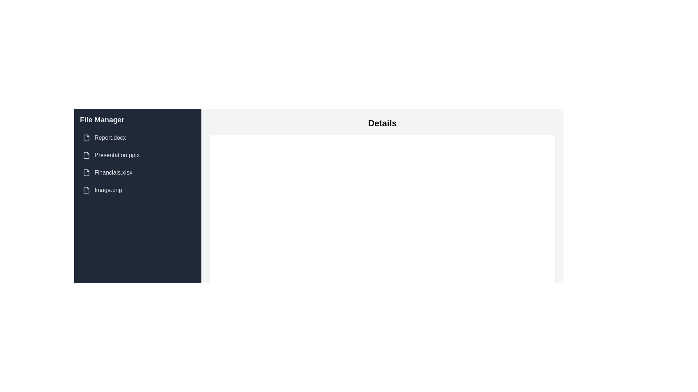 The width and height of the screenshot is (698, 392). What do you see at coordinates (87, 155) in the screenshot?
I see `the file icon representing 'Presentation.pptx' in the File Manager section, which is styled with a dark outline and minimal detailing` at bounding box center [87, 155].